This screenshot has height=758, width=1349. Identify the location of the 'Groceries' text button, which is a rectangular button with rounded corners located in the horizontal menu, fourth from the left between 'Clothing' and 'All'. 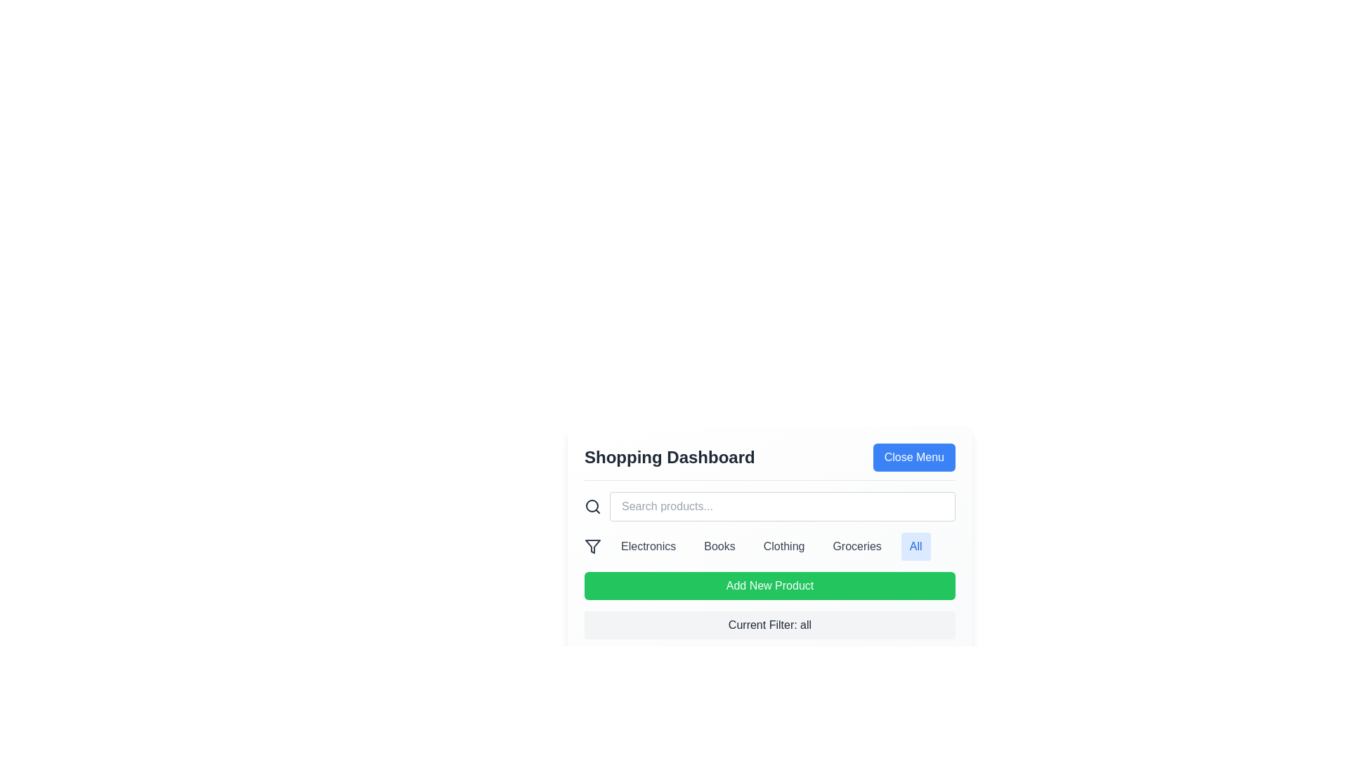
(856, 546).